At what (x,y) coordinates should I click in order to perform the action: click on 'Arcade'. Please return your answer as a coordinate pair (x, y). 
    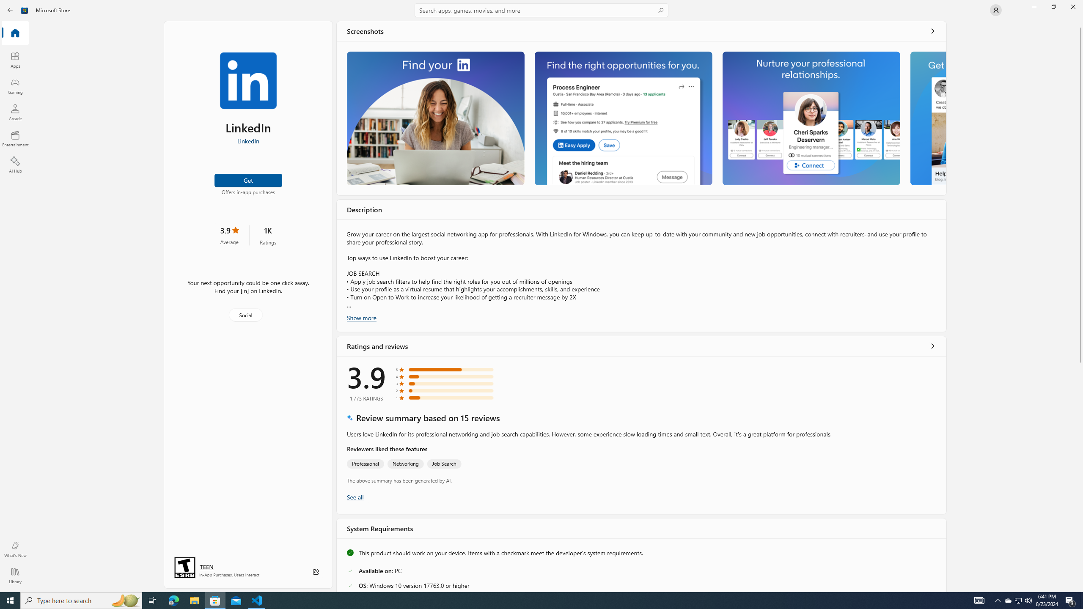
    Looking at the image, I should click on (14, 112).